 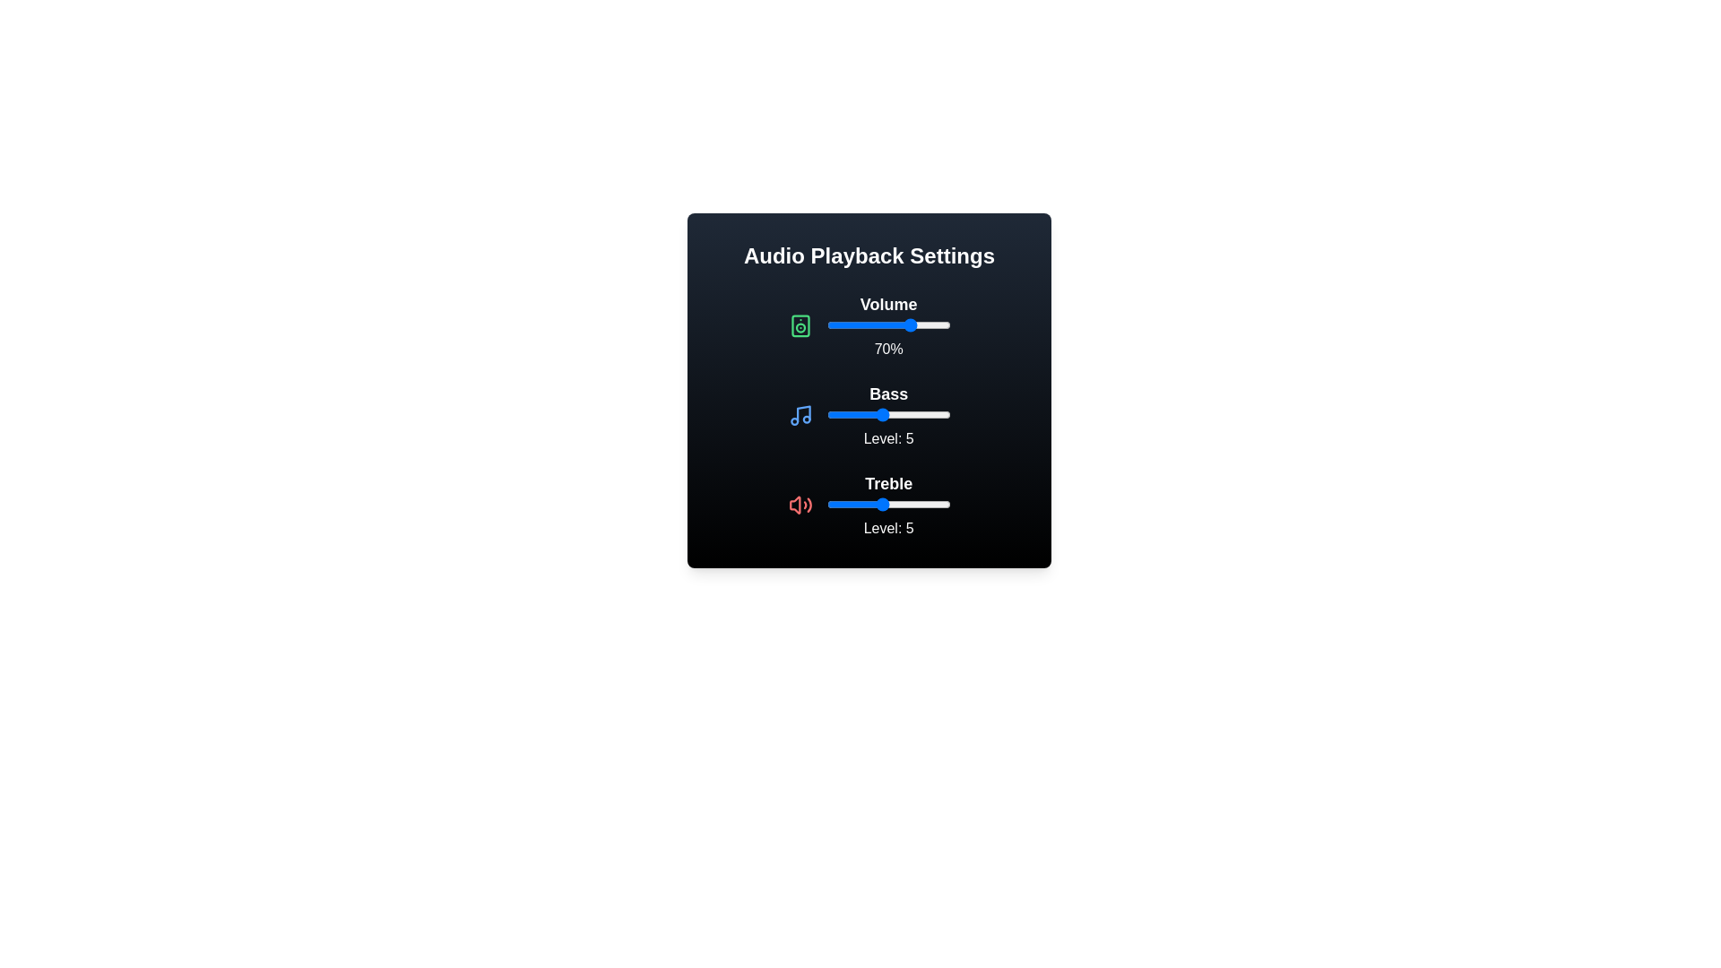 What do you see at coordinates (885, 324) in the screenshot?
I see `the volume slider` at bounding box center [885, 324].